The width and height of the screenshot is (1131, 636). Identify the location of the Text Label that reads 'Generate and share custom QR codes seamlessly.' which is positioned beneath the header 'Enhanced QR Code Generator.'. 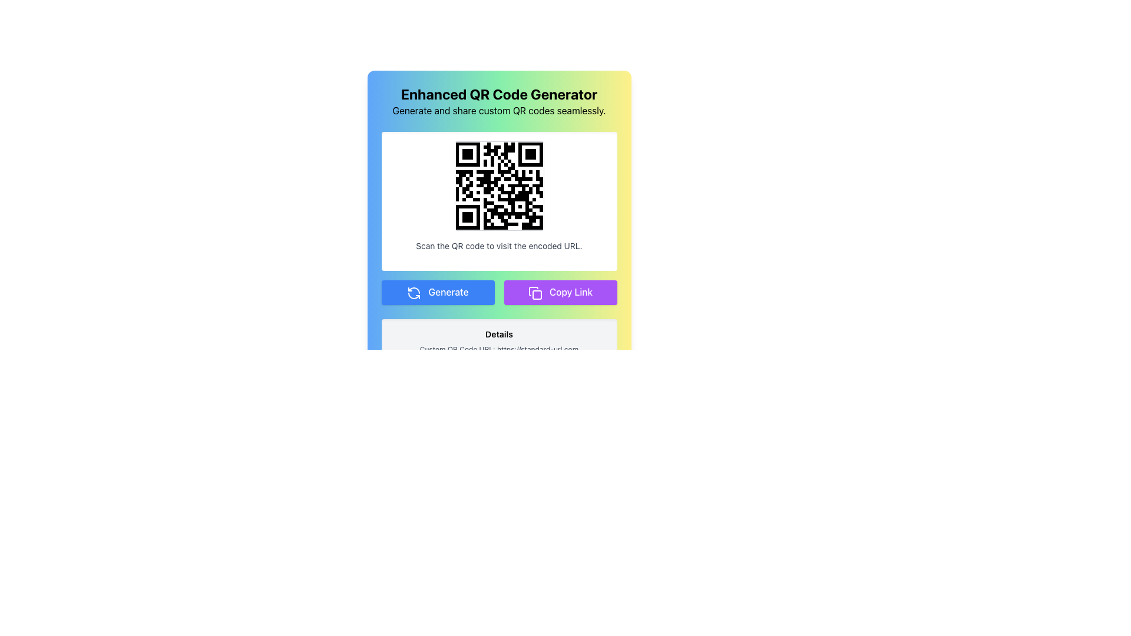
(499, 111).